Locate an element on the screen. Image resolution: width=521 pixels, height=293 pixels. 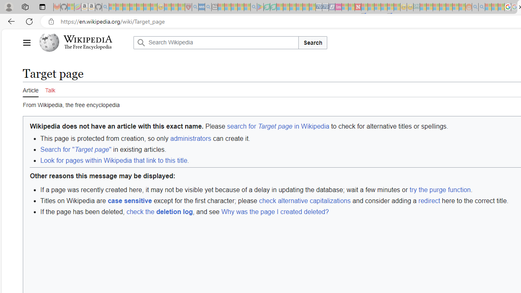
'Jobs - lastminute.com Investor Portal - Sleeping' is located at coordinates (338, 7).